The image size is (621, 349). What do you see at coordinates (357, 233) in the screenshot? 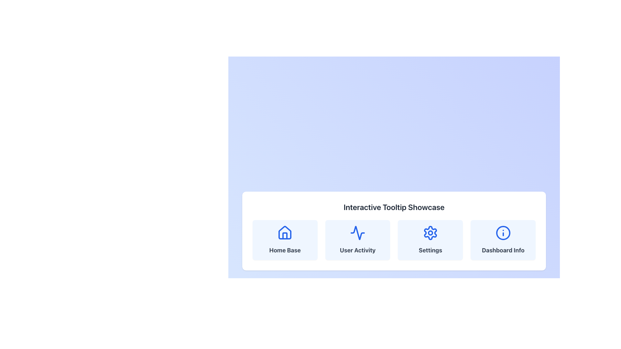
I see `the heartbeat icon within the 'User Activity' card` at bounding box center [357, 233].